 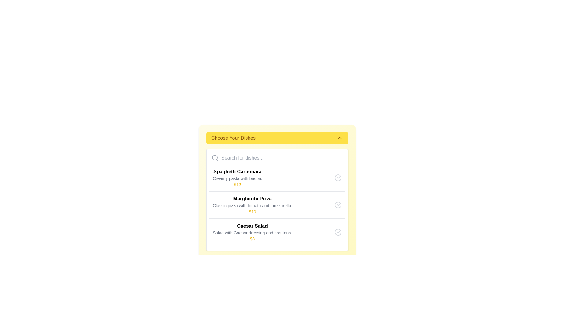 I want to click on the circular graphical component of the magnifying glass icon located in the search bar area of the 'Choose Your Dishes' section, so click(x=215, y=157).